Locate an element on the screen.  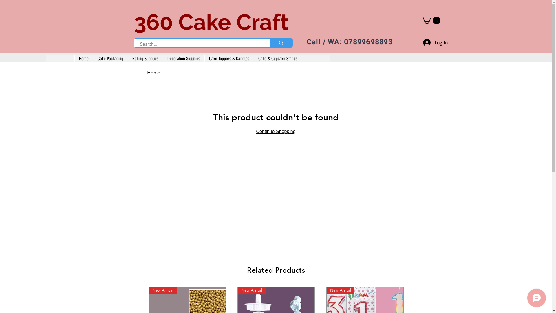
'Cake Packaging' is located at coordinates (110, 59).